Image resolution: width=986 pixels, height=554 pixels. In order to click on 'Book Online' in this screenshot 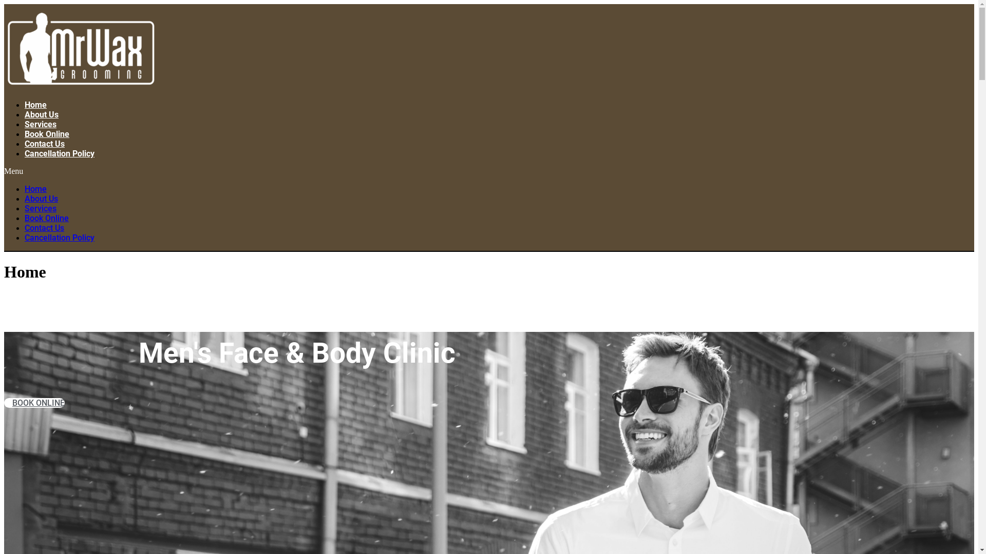, I will do `click(25, 133)`.